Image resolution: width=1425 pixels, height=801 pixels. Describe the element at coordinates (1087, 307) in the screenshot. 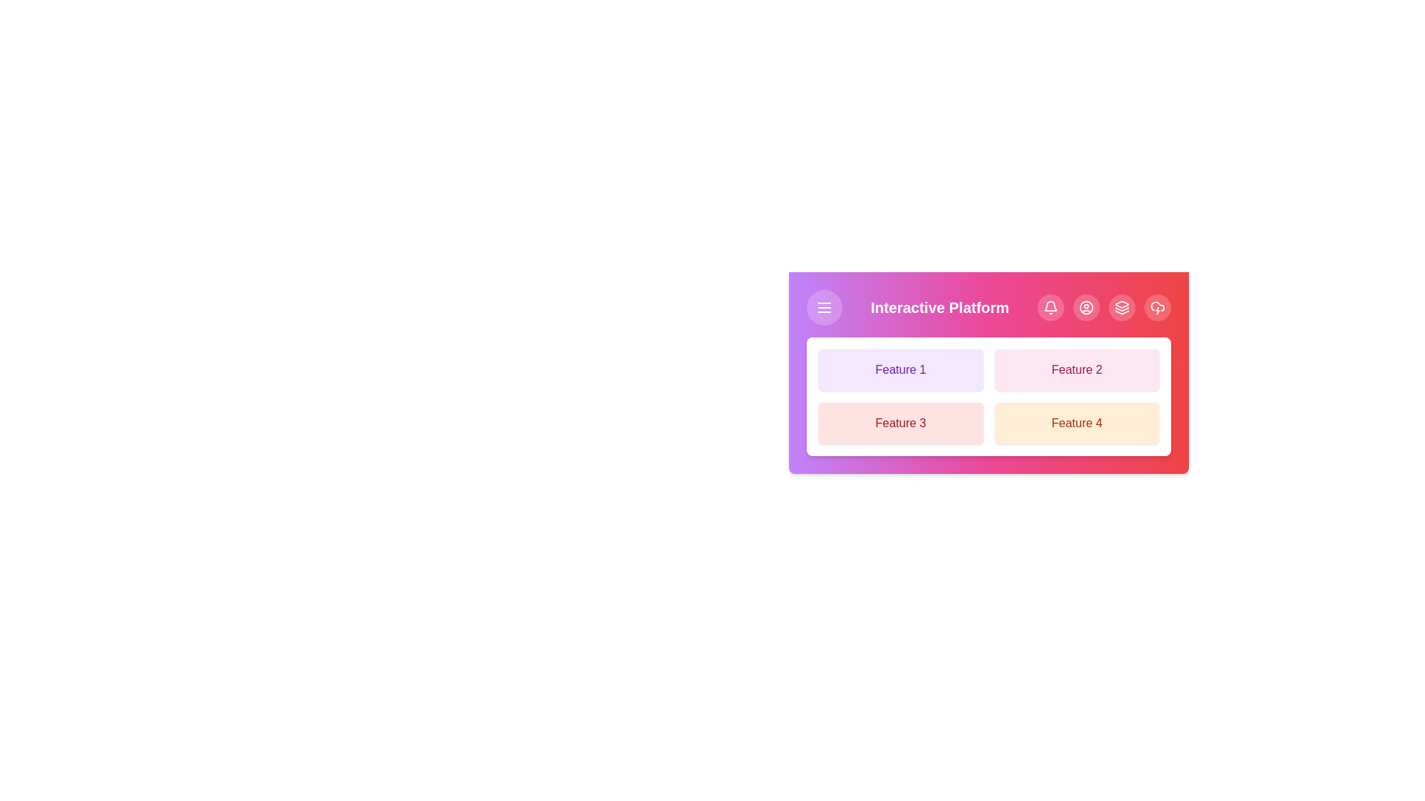

I see `the navigation button UserCircle` at that location.